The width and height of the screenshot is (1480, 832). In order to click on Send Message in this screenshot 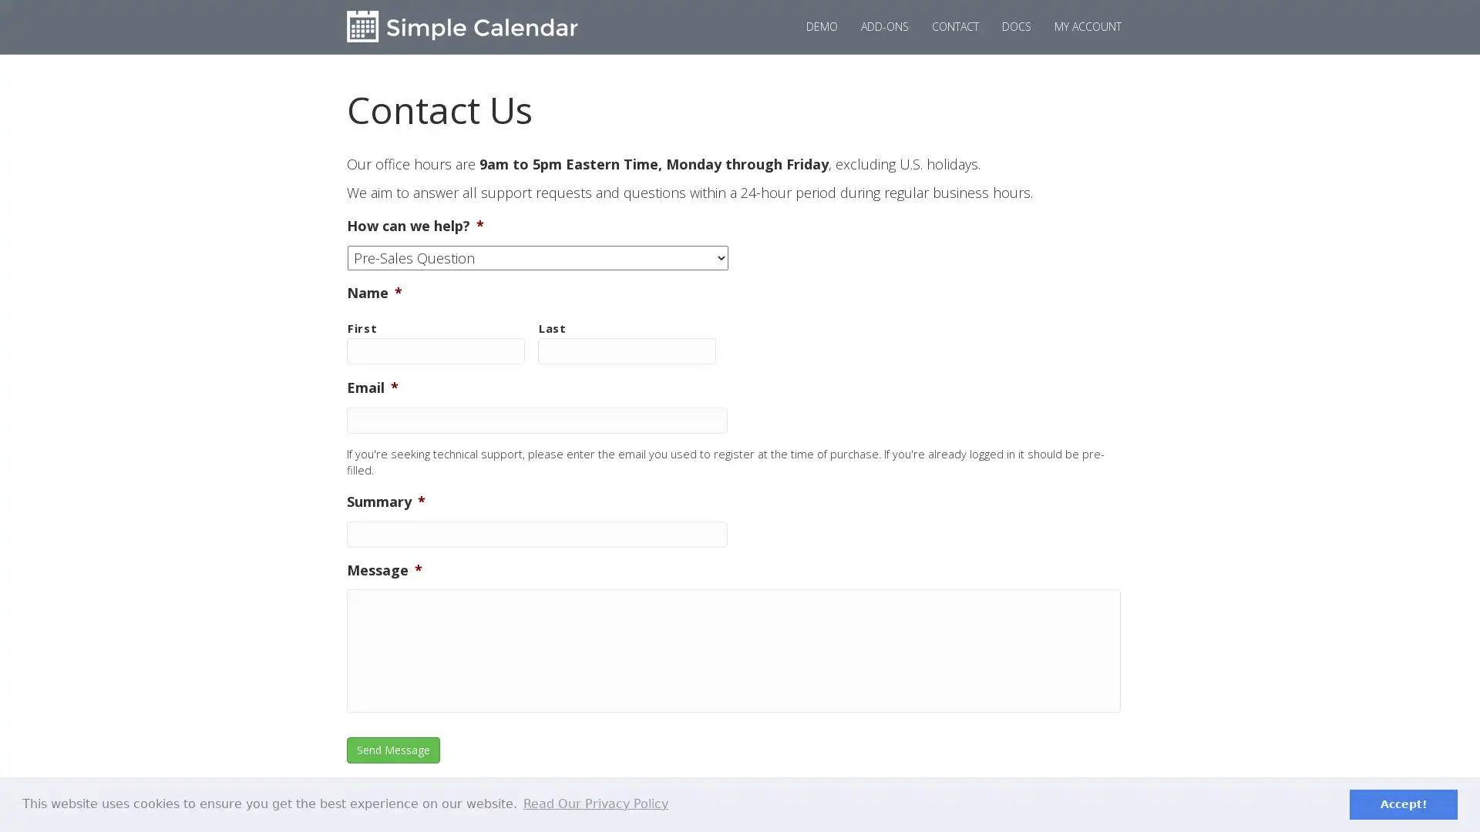, I will do `click(393, 750)`.